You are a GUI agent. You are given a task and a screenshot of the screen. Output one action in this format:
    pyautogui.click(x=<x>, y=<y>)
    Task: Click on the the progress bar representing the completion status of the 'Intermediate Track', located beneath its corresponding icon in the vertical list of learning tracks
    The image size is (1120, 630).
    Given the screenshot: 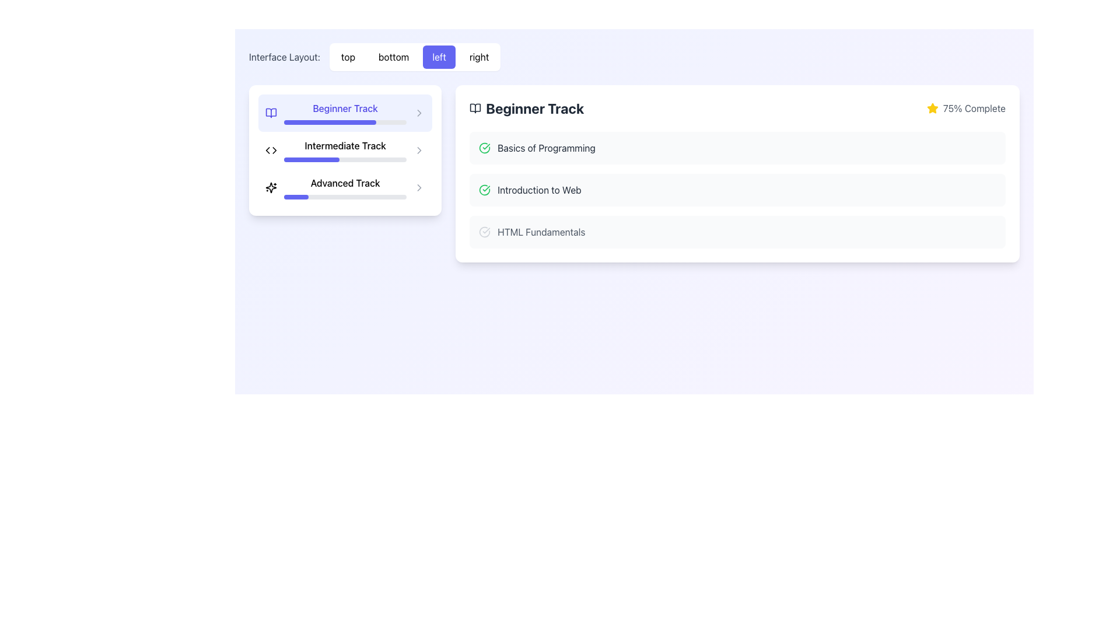 What is the action you would take?
    pyautogui.click(x=345, y=150)
    